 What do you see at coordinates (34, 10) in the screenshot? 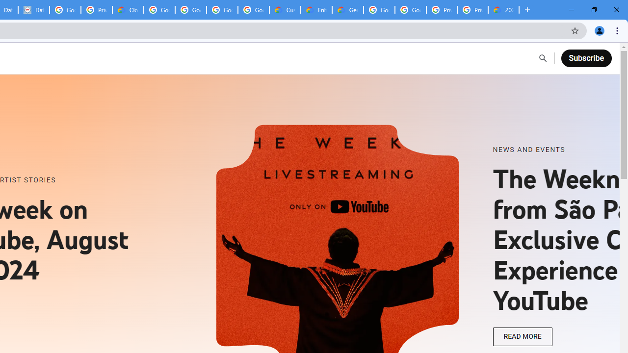
I see `'Data Privacy Framework'` at bounding box center [34, 10].